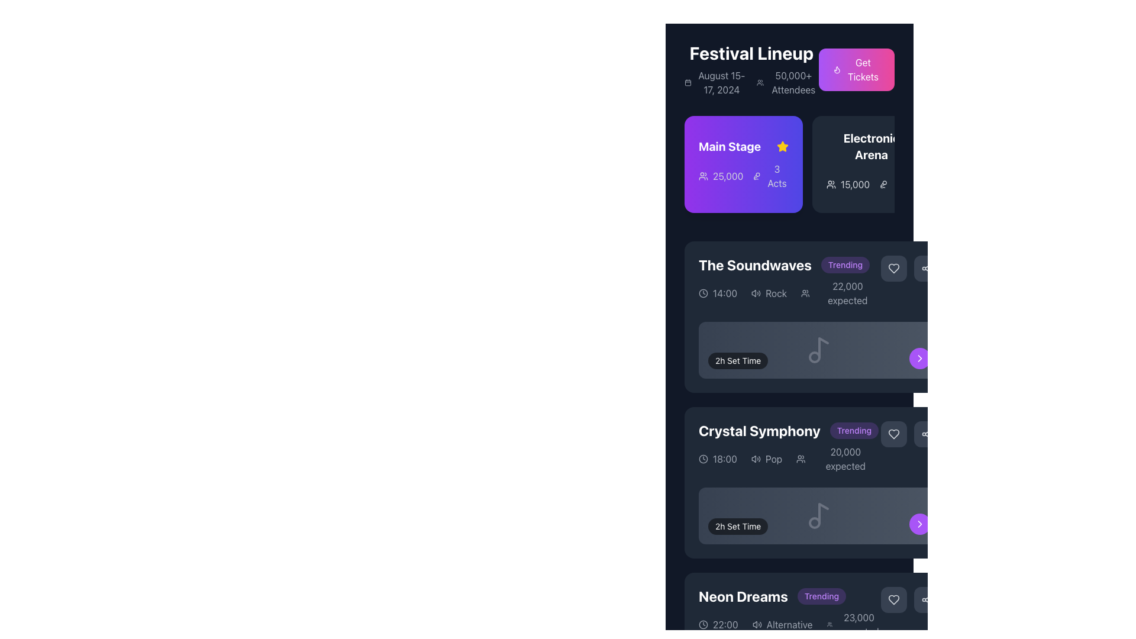  What do you see at coordinates (789, 624) in the screenshot?
I see `the text label displaying 'Alternative' in the 'Neon Dreams' section, which is the only full-text label positioned to the right of an icon, below the event time details` at bounding box center [789, 624].